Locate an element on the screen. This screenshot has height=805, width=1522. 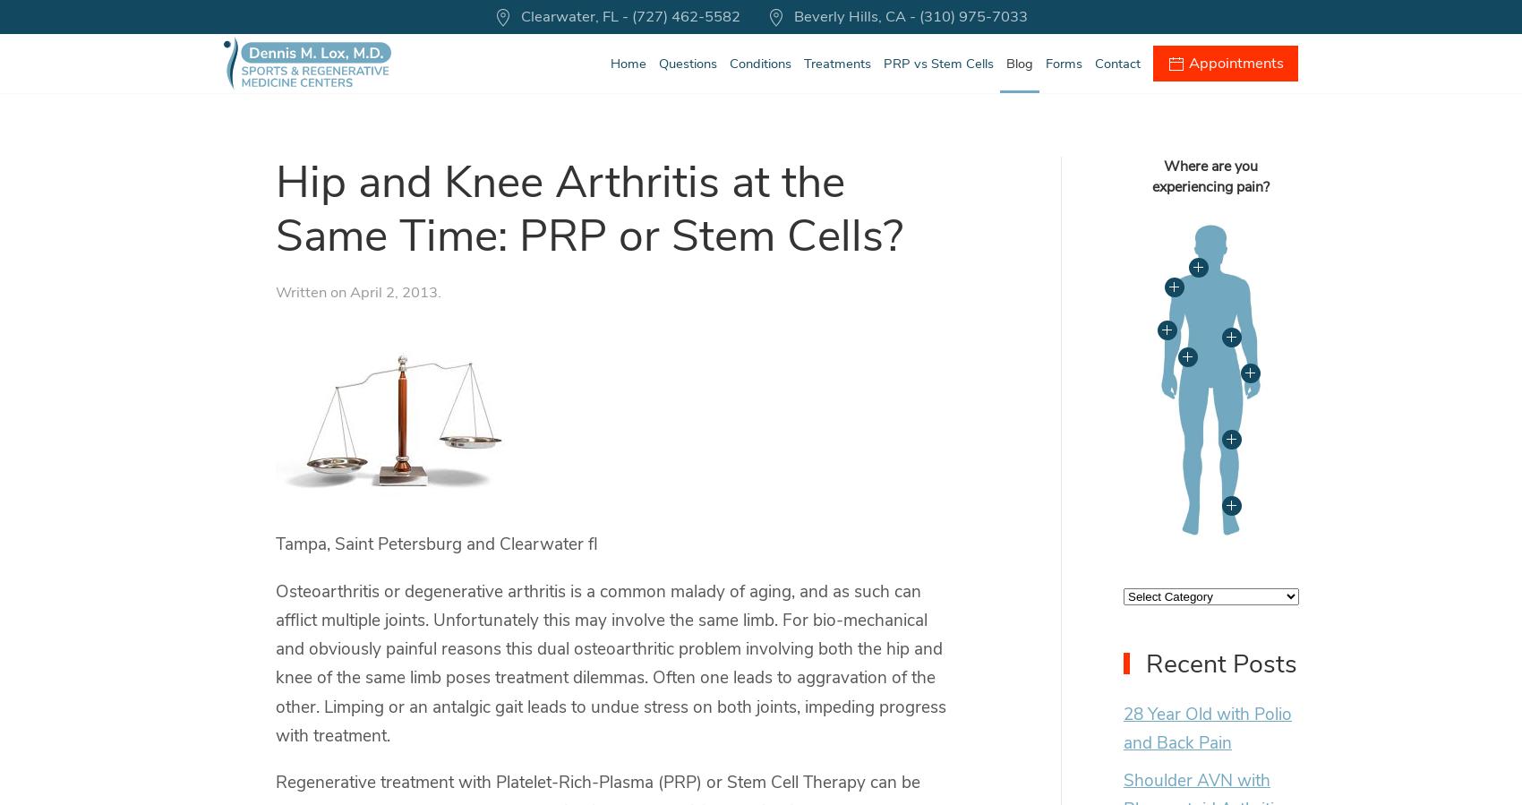
'Forms' is located at coordinates (1063, 62).